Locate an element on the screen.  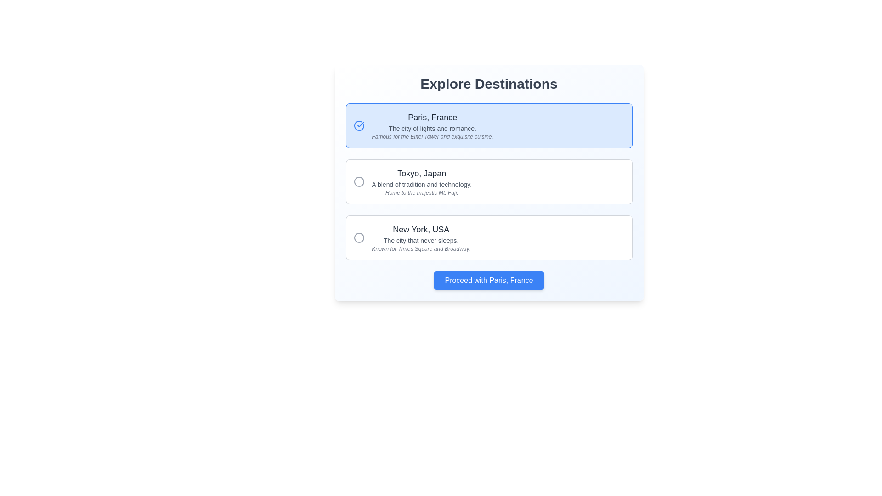
the selectable option text block labeled 'New York, USA', which is the third option in a vertical list of cities is located at coordinates (420, 237).